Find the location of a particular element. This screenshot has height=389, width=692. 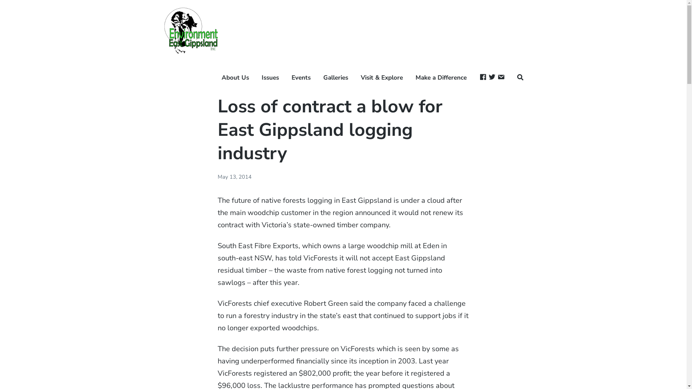

'Make a Difference' is located at coordinates (415, 78).